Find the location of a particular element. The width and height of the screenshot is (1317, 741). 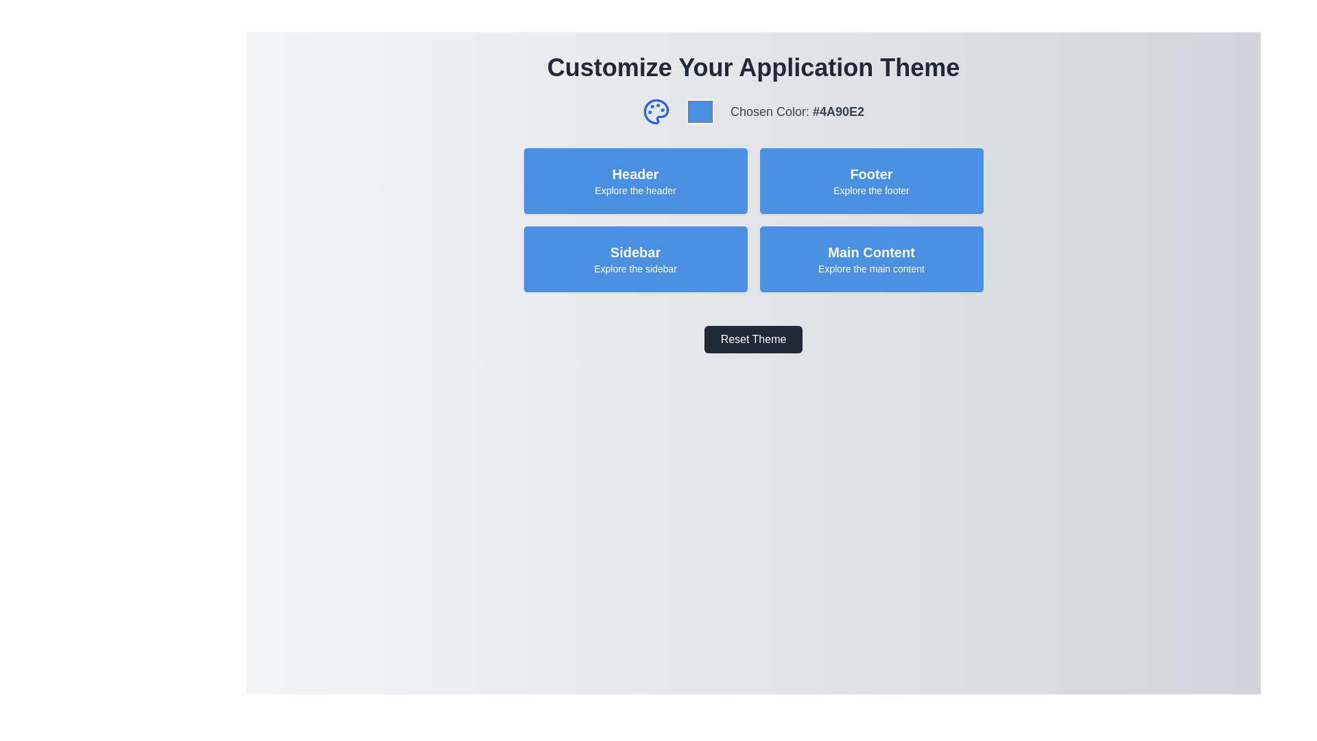

the rectangular button with a blue background labeled 'Main Content' is located at coordinates (870, 259).